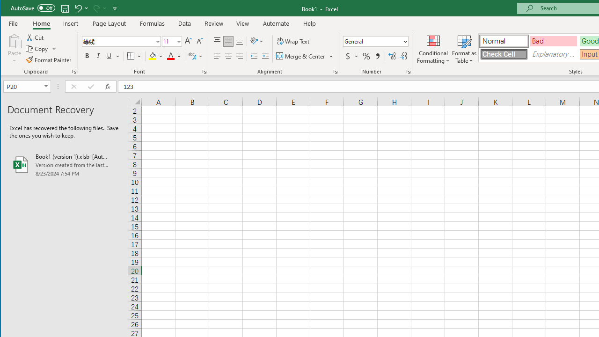 The height and width of the screenshot is (337, 599). I want to click on 'Top Align', so click(217, 41).